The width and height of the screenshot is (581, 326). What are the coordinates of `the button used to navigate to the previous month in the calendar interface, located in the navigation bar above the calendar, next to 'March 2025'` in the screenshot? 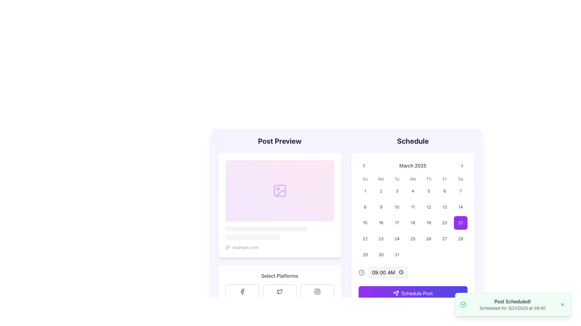 It's located at (363, 165).